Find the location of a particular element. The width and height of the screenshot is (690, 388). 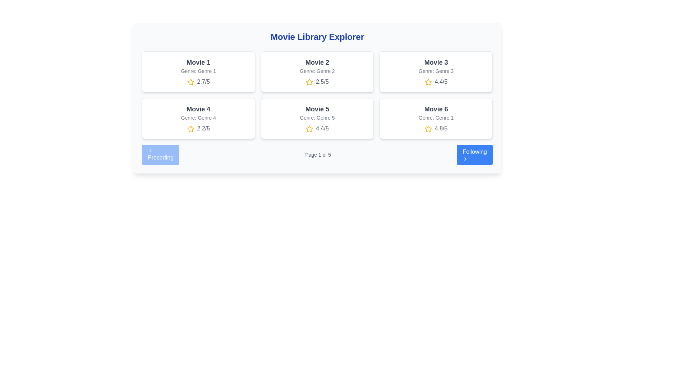

text label that displays 'Movie 4' at the top-center of the card UI component is located at coordinates (198, 109).